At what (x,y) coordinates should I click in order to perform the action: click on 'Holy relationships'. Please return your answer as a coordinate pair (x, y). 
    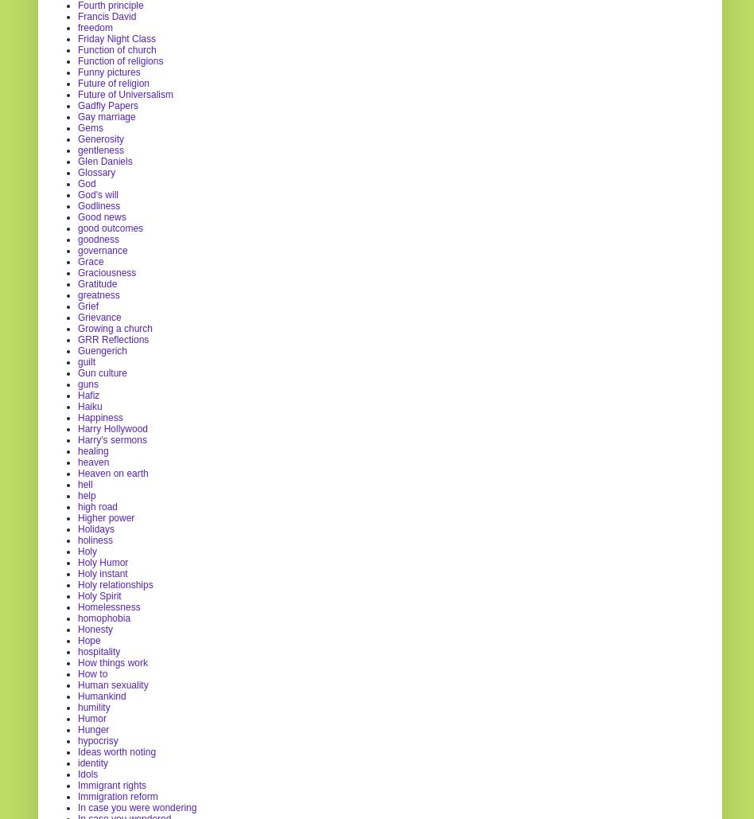
    Looking at the image, I should click on (115, 583).